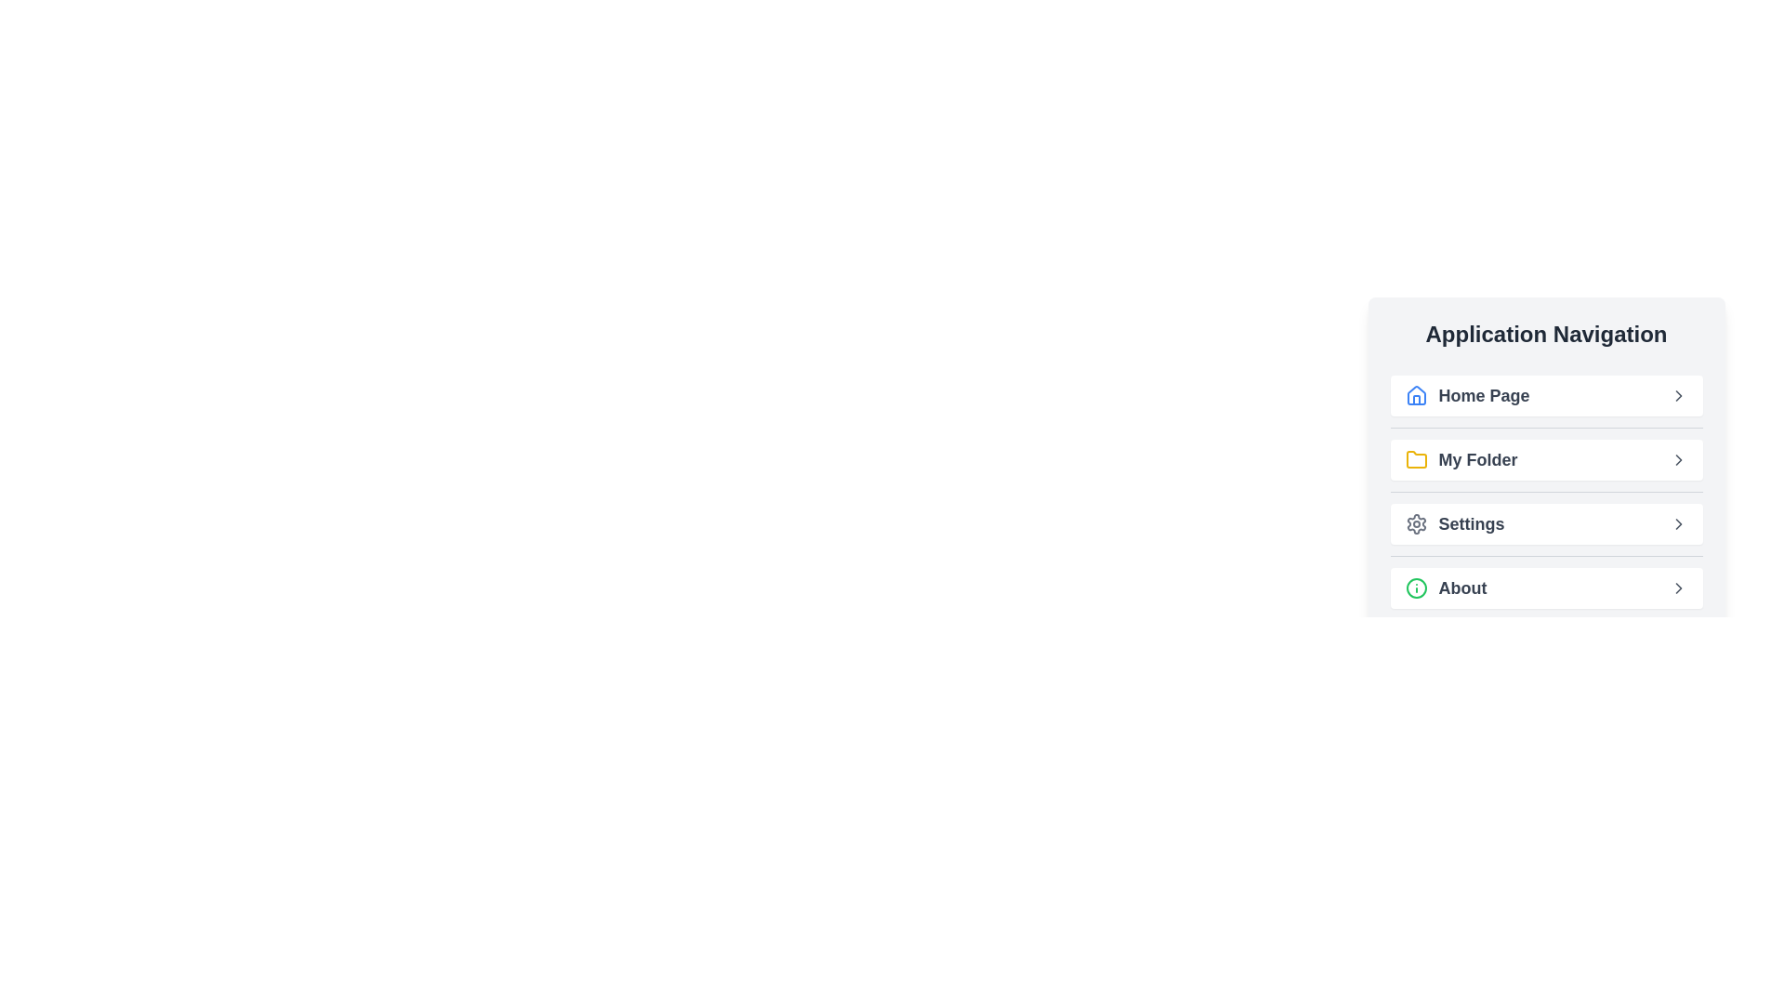  I want to click on the settings icon located in the navigation menu's 'Settings' option row, so click(1415, 523).